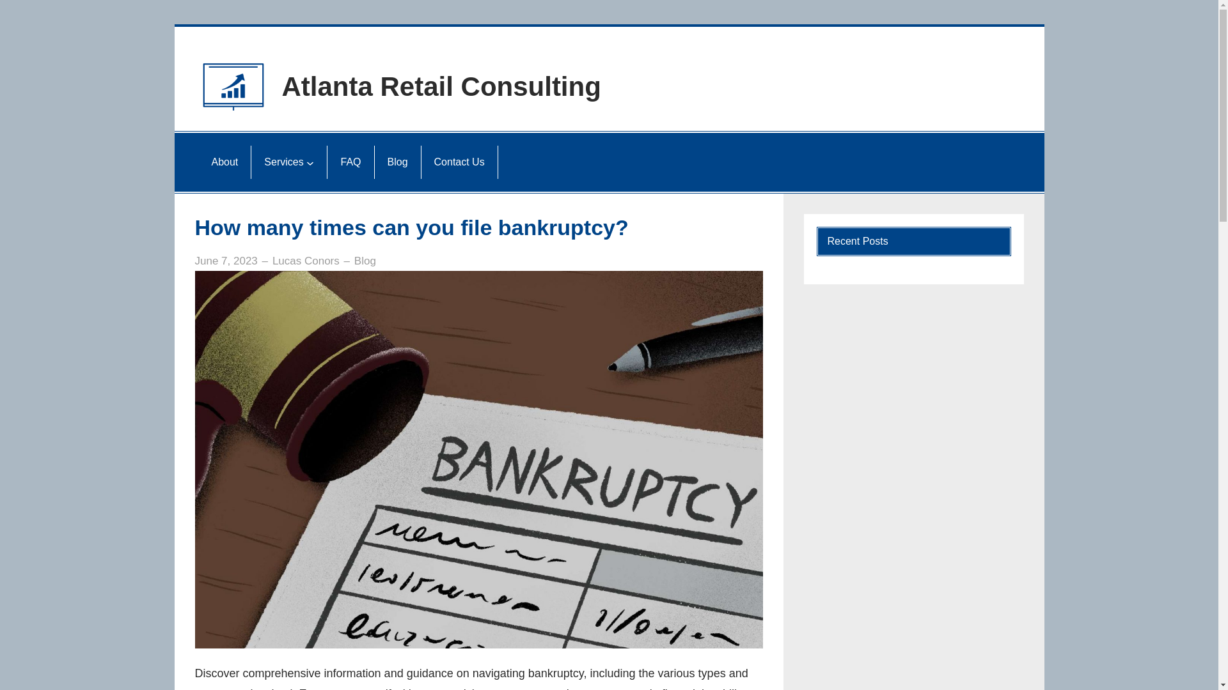  What do you see at coordinates (226, 260) in the screenshot?
I see `'June 7, 2023'` at bounding box center [226, 260].